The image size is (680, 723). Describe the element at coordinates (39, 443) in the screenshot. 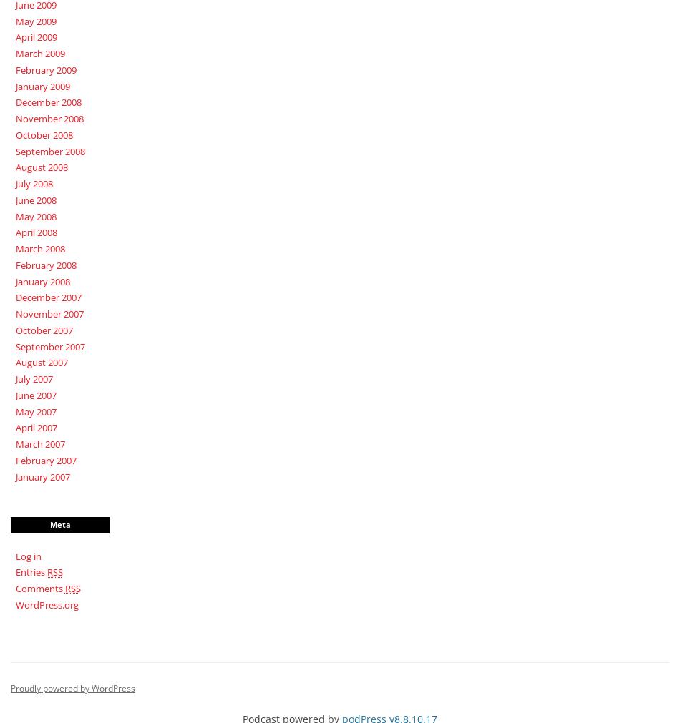

I see `'March 2007'` at that location.